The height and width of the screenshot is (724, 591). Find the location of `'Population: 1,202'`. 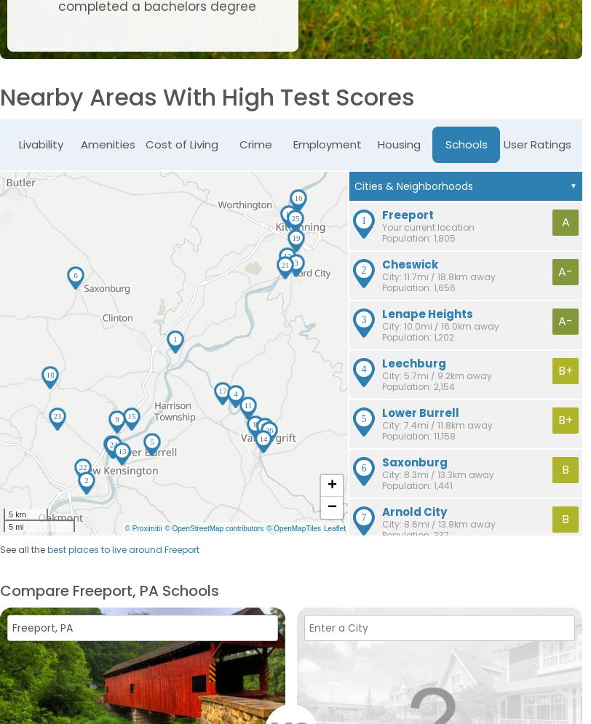

'Population: 1,202' is located at coordinates (418, 337).